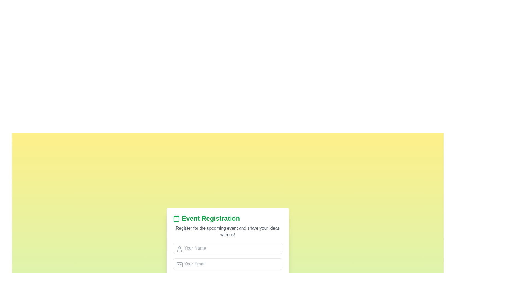  Describe the element at coordinates (180, 264) in the screenshot. I see `the envelope icon, which visually represents the email input field labeled 'Your Email.'` at that location.